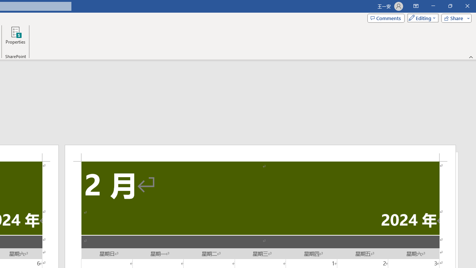 This screenshot has width=476, height=268. Describe the element at coordinates (421, 17) in the screenshot. I see `'Mode'` at that location.